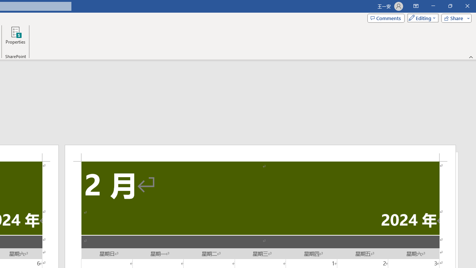 This screenshot has width=476, height=268. Describe the element at coordinates (421, 17) in the screenshot. I see `'Mode'` at that location.